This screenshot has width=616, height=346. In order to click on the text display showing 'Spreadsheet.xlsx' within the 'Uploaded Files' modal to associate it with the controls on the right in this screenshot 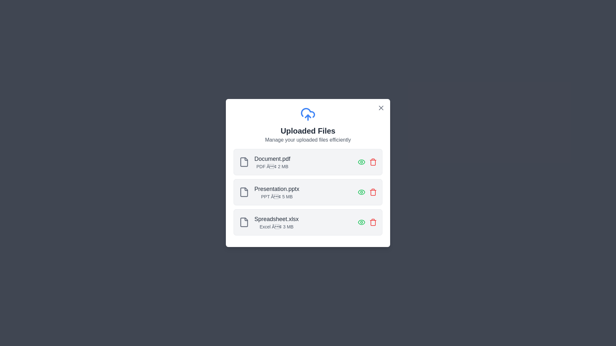, I will do `click(277, 222)`.